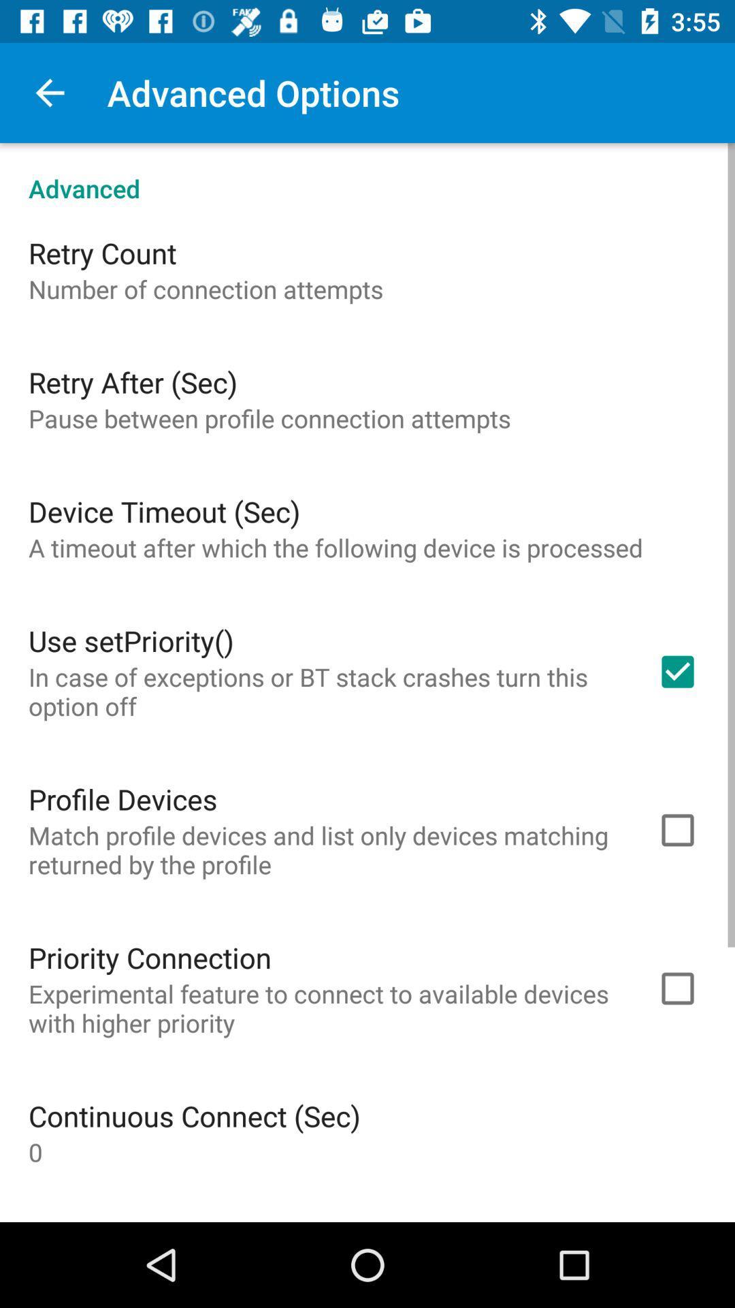 The image size is (735, 1308). I want to click on icon to the left of the advanced options app, so click(49, 92).